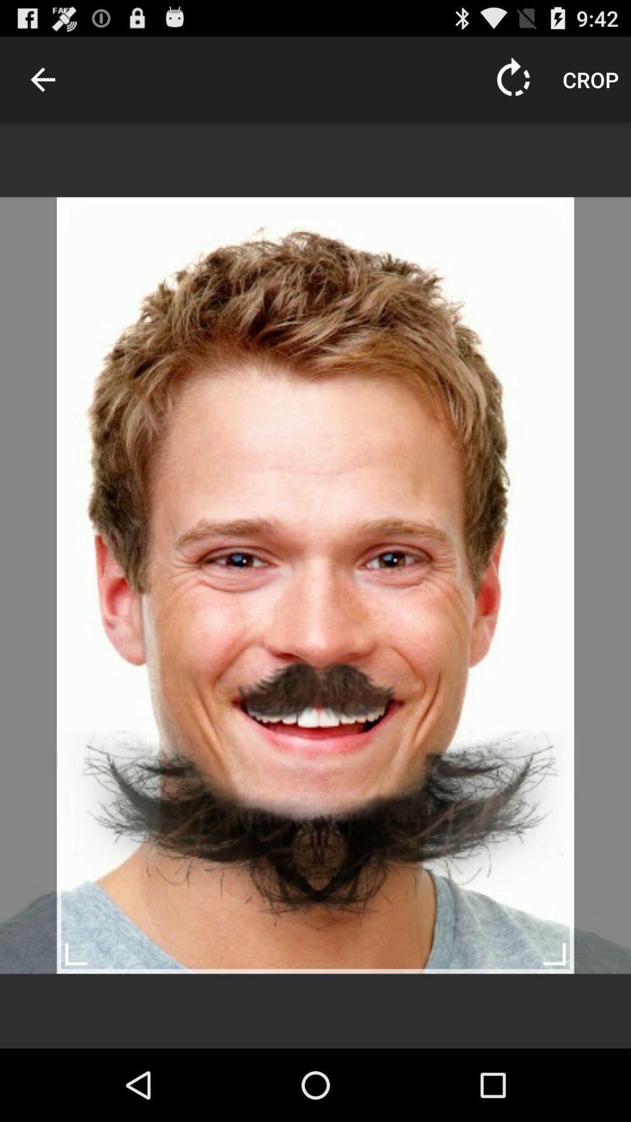  What do you see at coordinates (590, 79) in the screenshot?
I see `the crop icon` at bounding box center [590, 79].